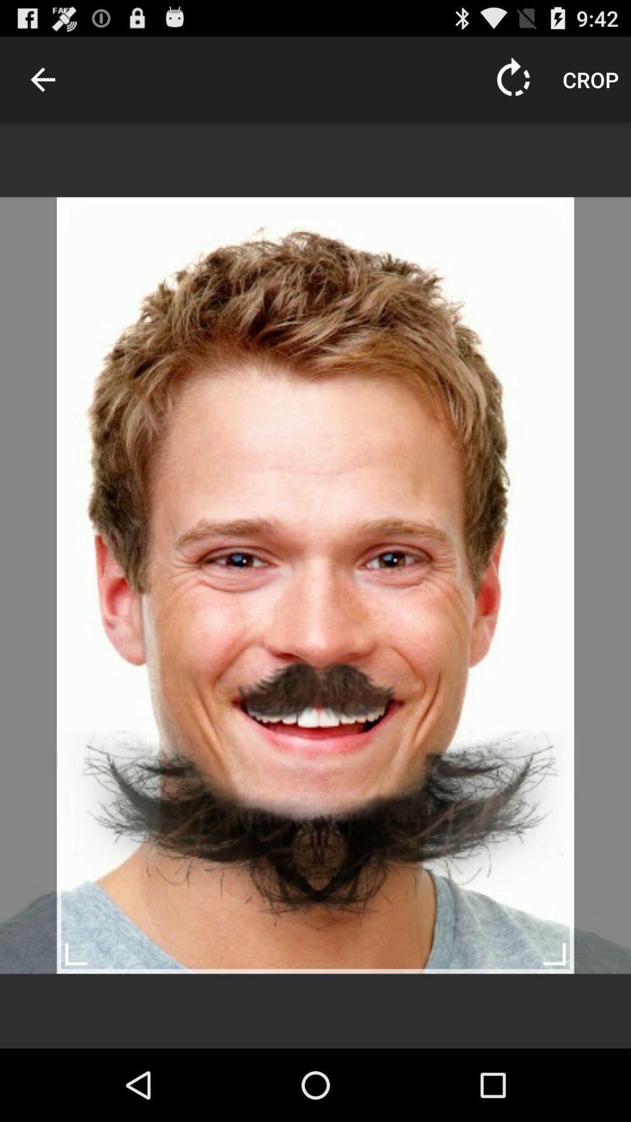  What do you see at coordinates (590, 79) in the screenshot?
I see `the crop icon` at bounding box center [590, 79].